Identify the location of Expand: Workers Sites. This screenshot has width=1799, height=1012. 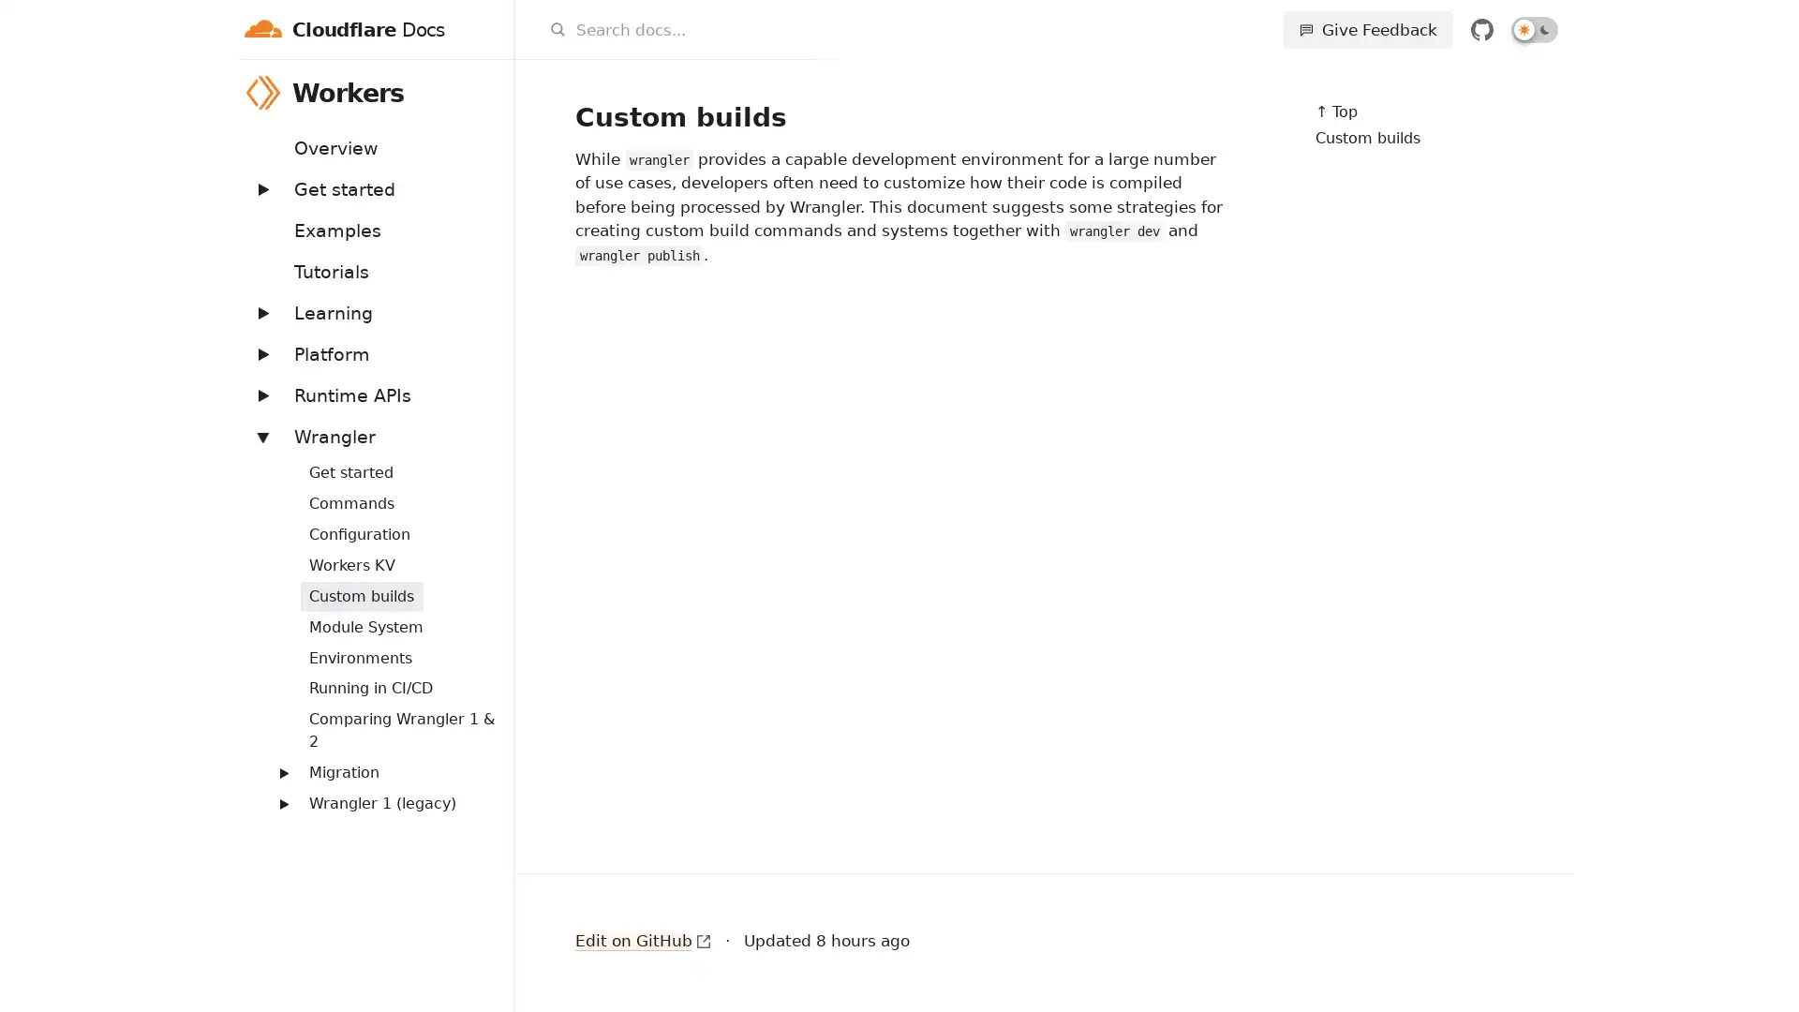
(273, 853).